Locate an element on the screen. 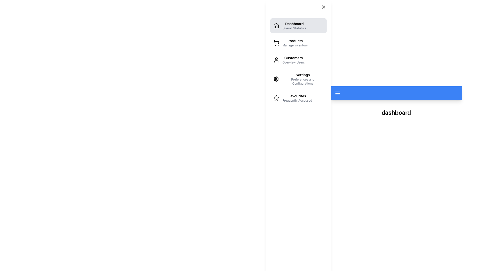  the Text Label indicating the 'dashboard' section, which is centrally located below the blue header bar in the white section of the layout is located at coordinates (396, 112).